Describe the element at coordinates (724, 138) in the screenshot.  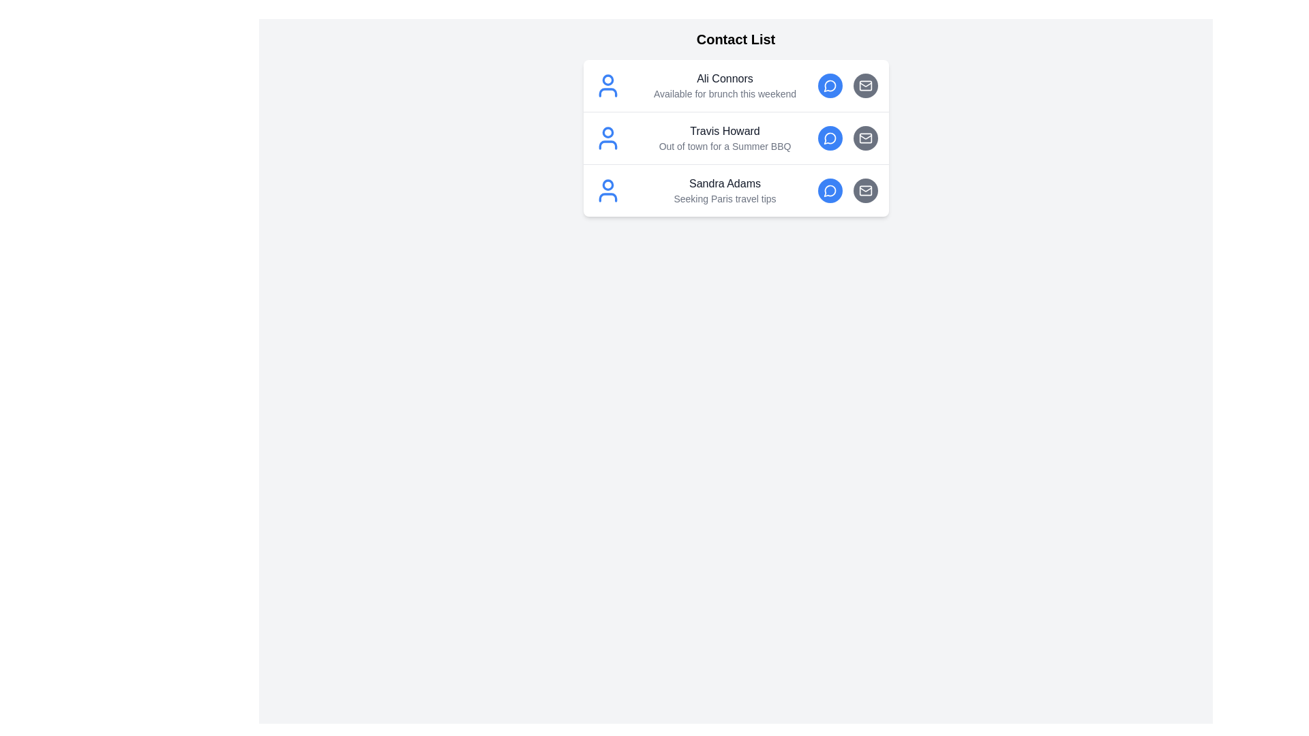
I see `text displayed in the contact block for 'Travis Howard', which shows their status message 'Out of town for a Summer BBQ'. This element is the second entry in the contact list, positioned below 'Ali Connors' and above 'Sandra Adams'` at that location.